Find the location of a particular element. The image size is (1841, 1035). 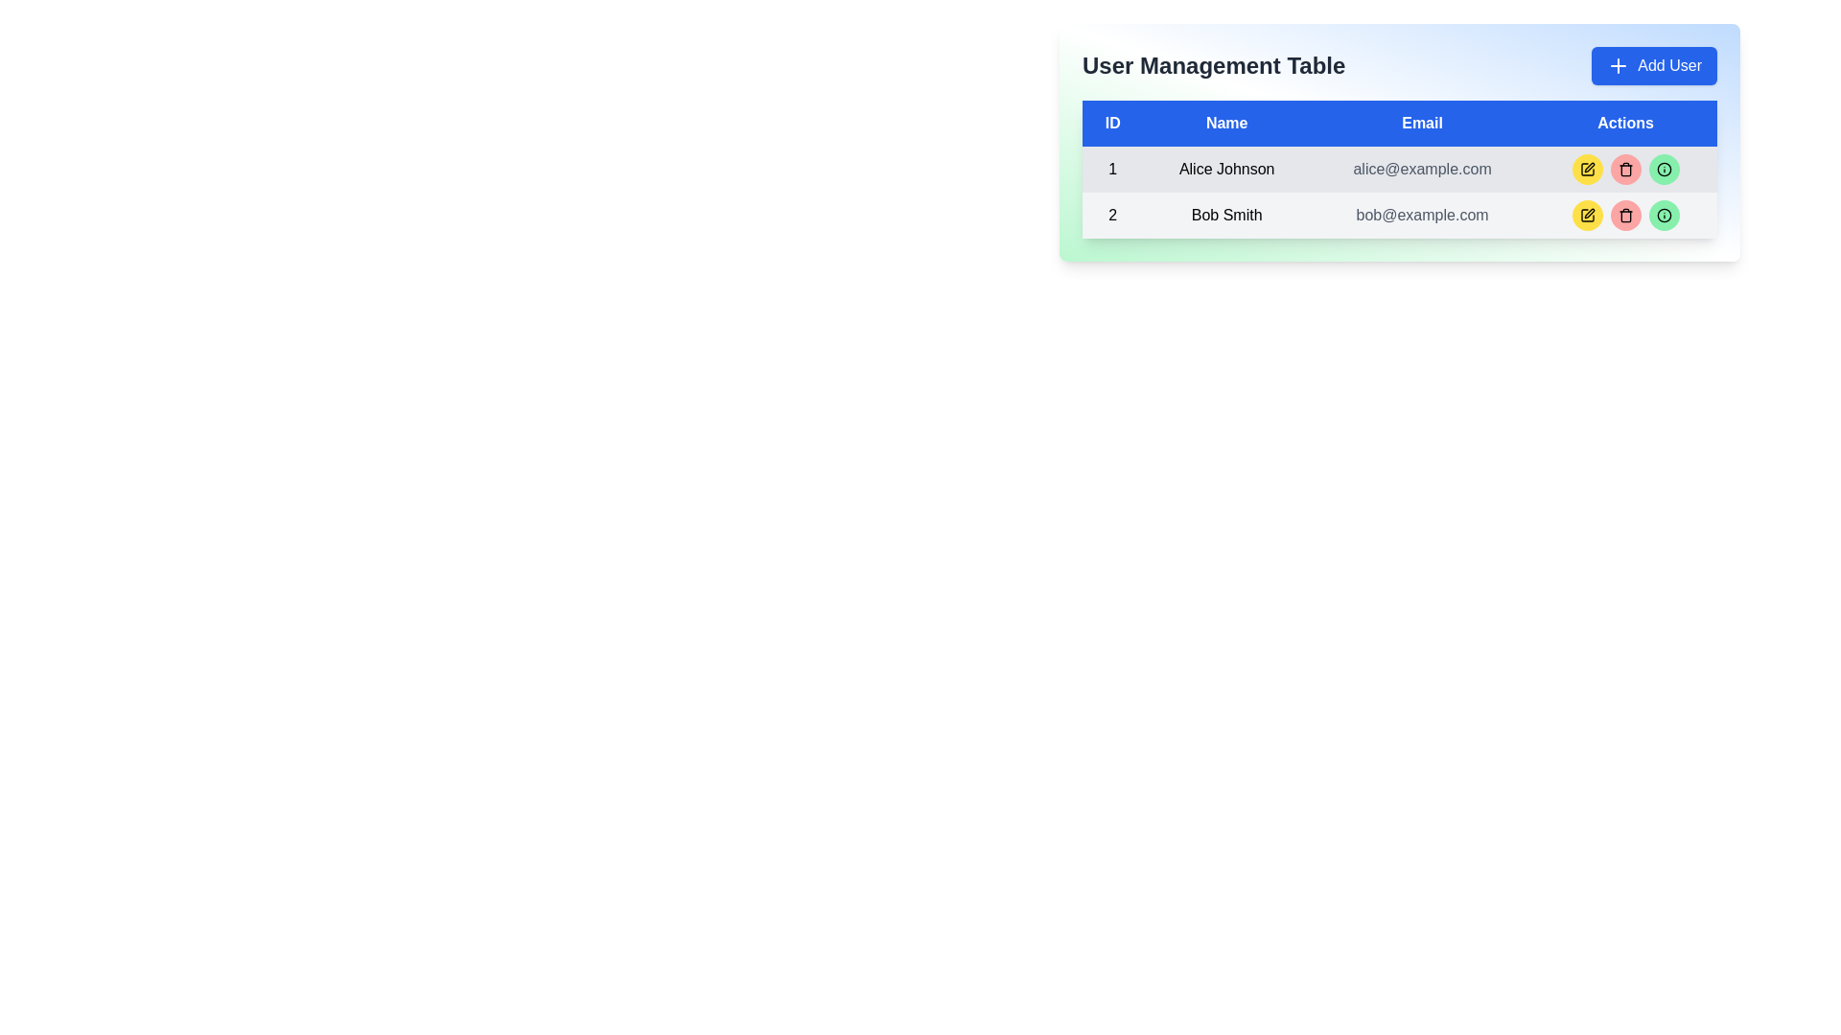

the square-shaped icon button with a pen symbol in the center, part of the yellow circular button background, located in the 'Actions' column of the first row adjacent to 'Alice Johnson' and 'alice@example.com' is located at coordinates (1587, 215).